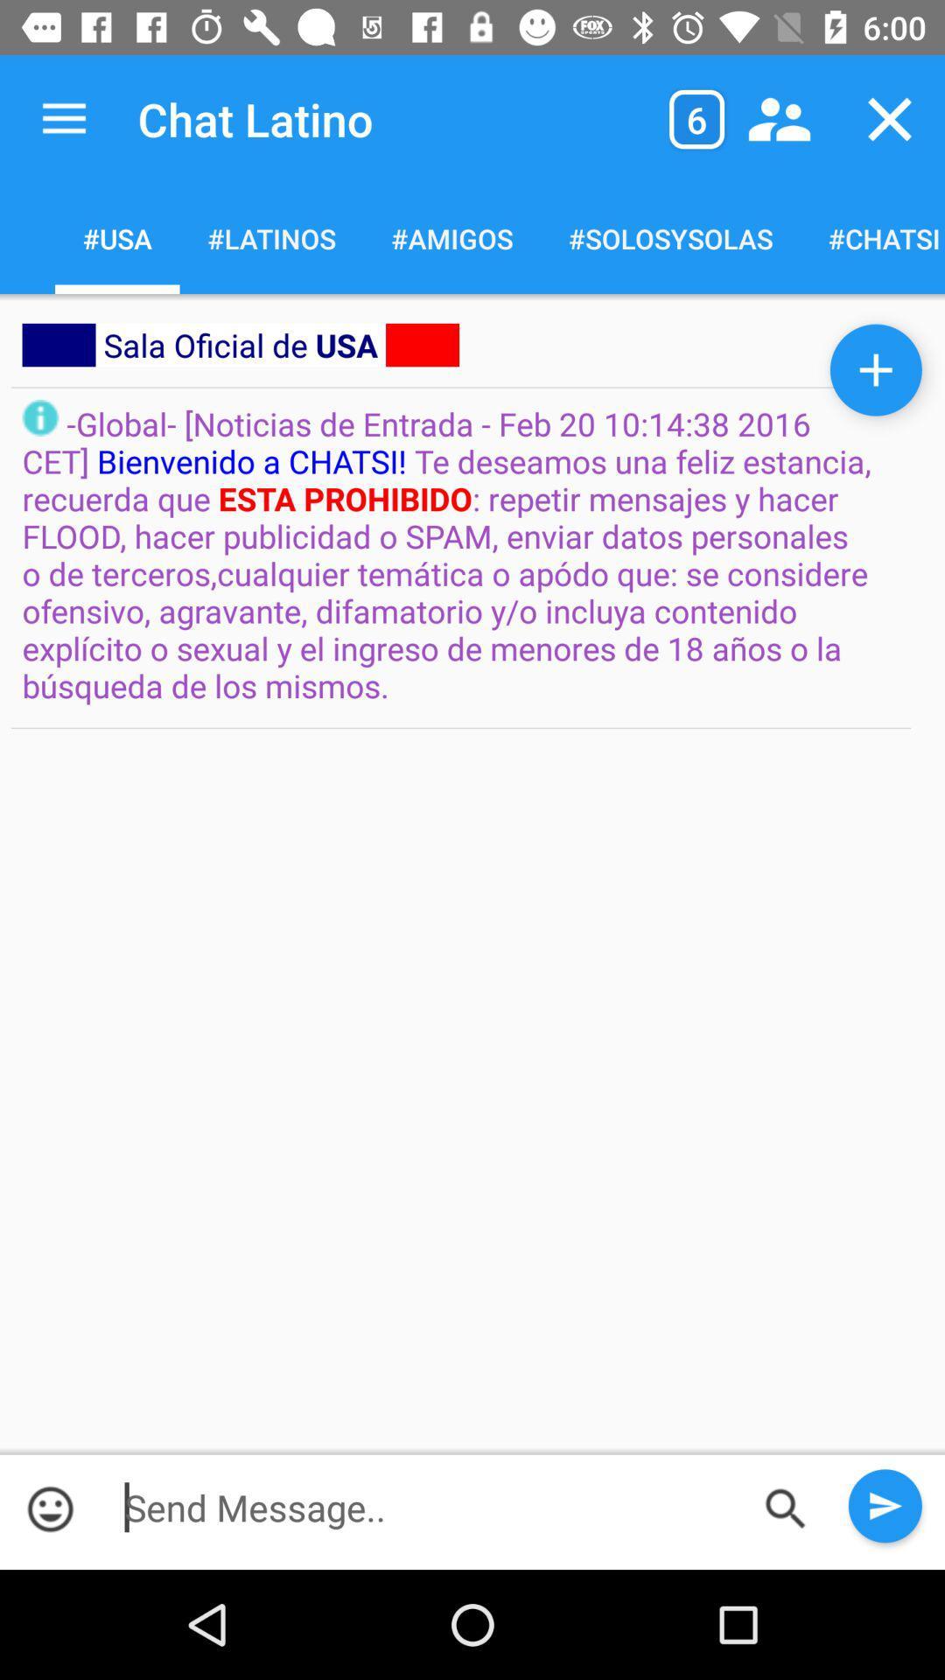  I want to click on the contacts icon beside cross mark, so click(779, 119).